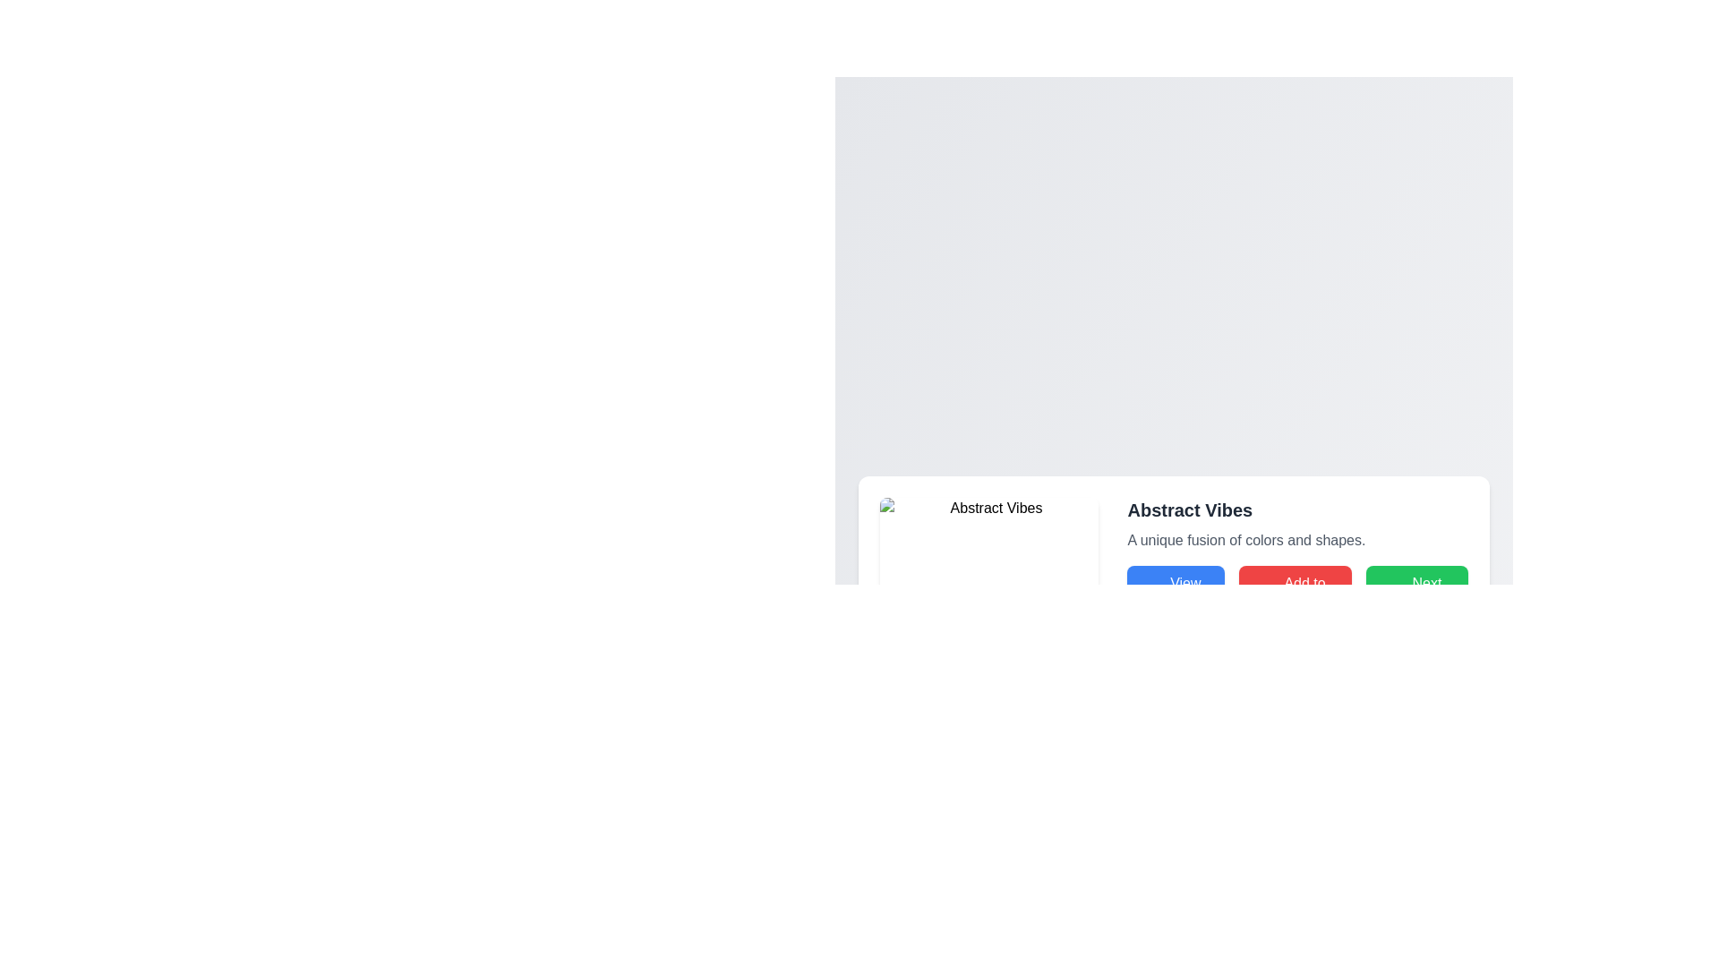  Describe the element at coordinates (1174, 559) in the screenshot. I see `the 'View Details' button within the card titled 'Abstract Vibes'` at that location.